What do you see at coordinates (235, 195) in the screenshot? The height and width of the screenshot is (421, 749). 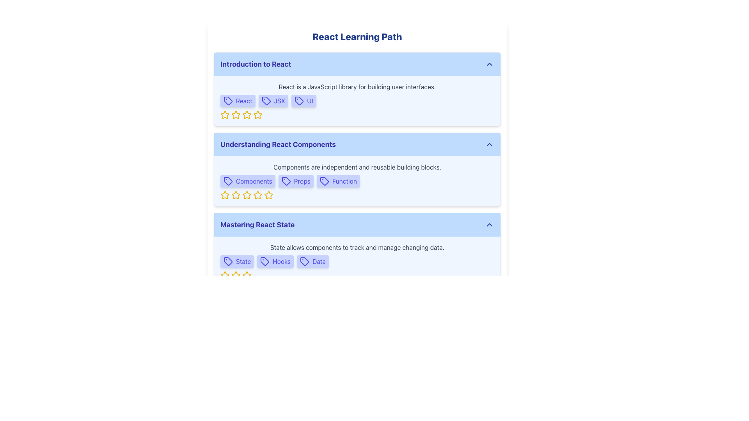 I see `the first star icon in the second set of rating stars under the text 'Understanding React Components', which is visually styled in a yellow hue and represents a rating system` at bounding box center [235, 195].